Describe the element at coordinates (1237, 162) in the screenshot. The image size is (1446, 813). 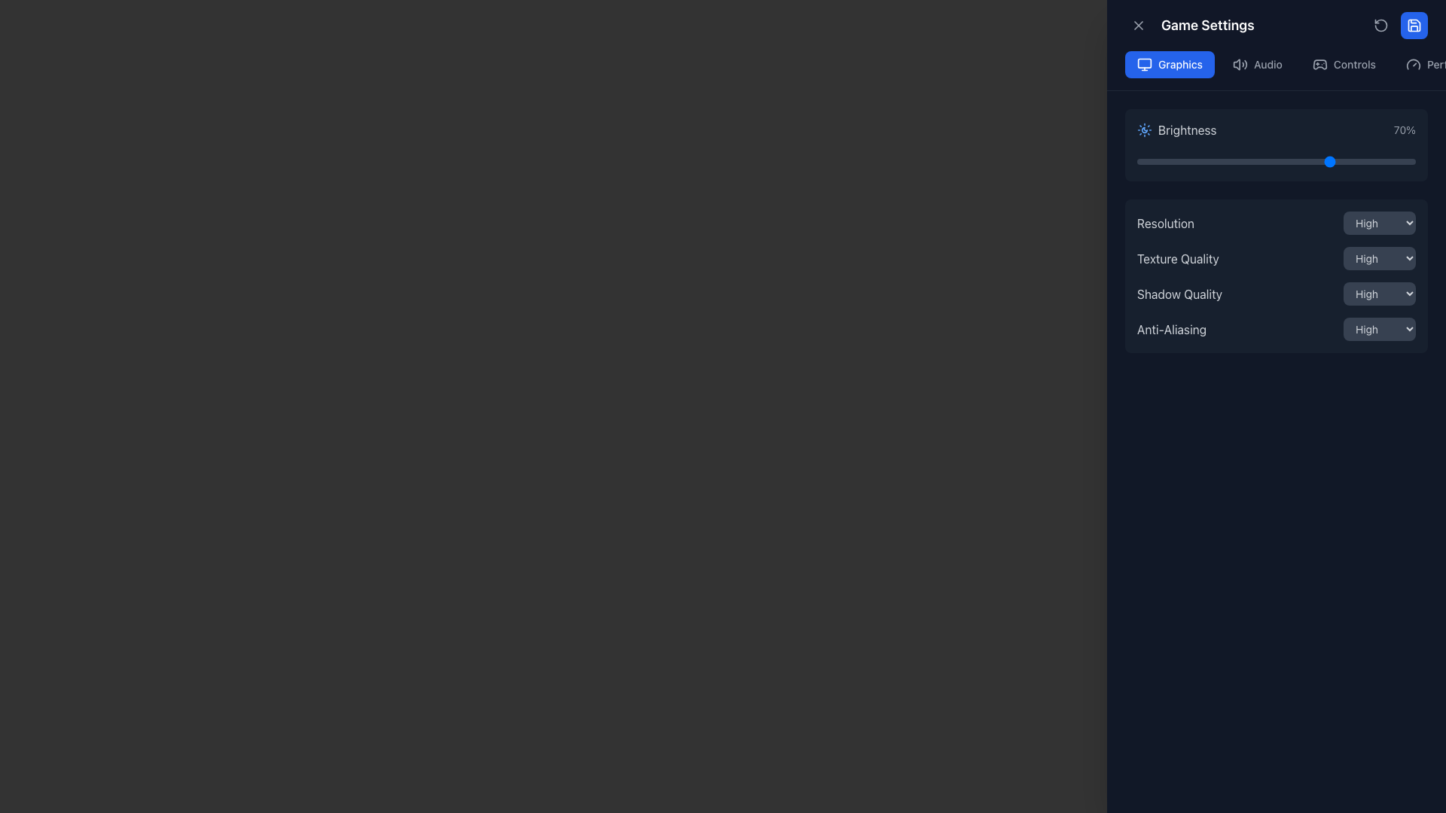
I see `brightness` at that location.